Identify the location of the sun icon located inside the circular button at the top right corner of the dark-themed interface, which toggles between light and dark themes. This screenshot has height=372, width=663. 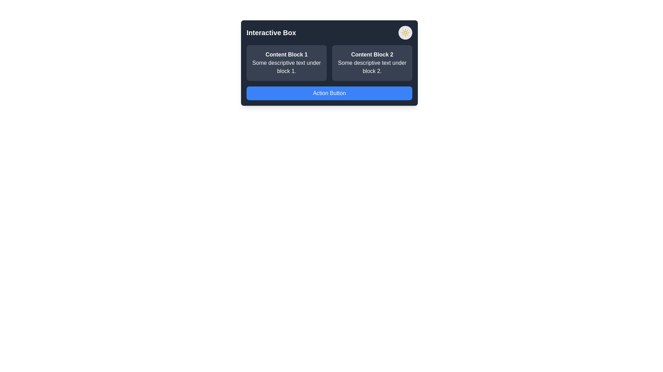
(405, 33).